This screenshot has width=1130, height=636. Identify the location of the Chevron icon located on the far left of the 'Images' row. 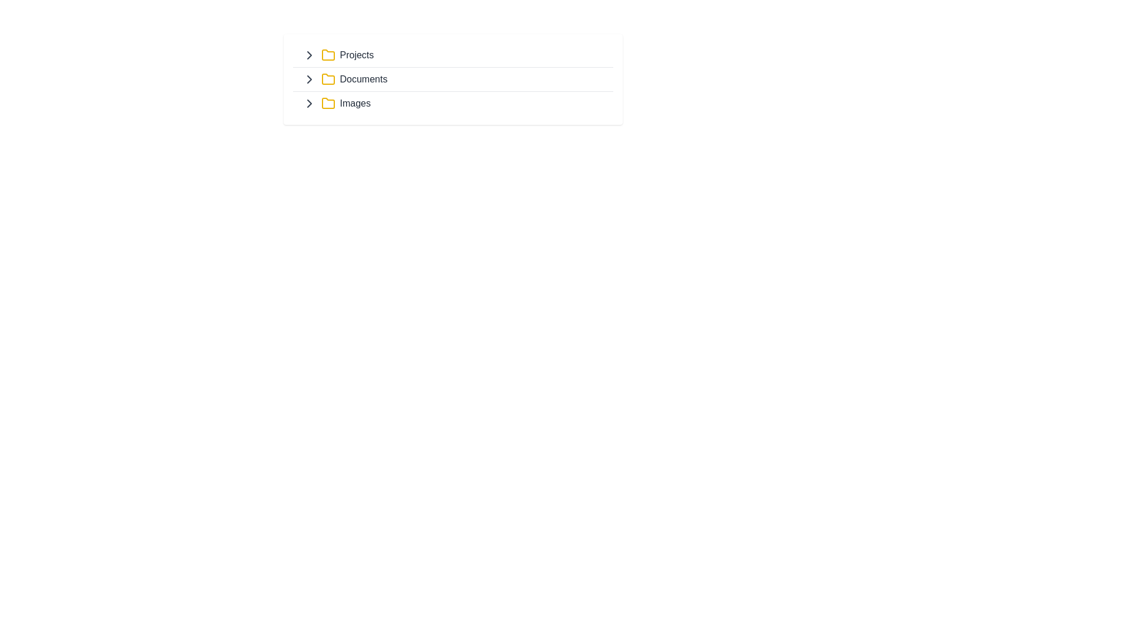
(309, 103).